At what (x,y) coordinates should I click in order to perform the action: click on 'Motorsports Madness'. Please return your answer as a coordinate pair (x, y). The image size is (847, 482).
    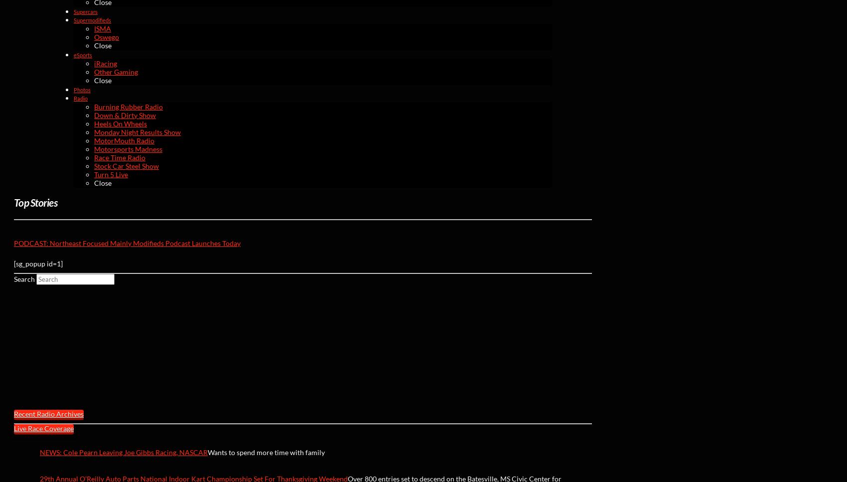
    Looking at the image, I should click on (128, 148).